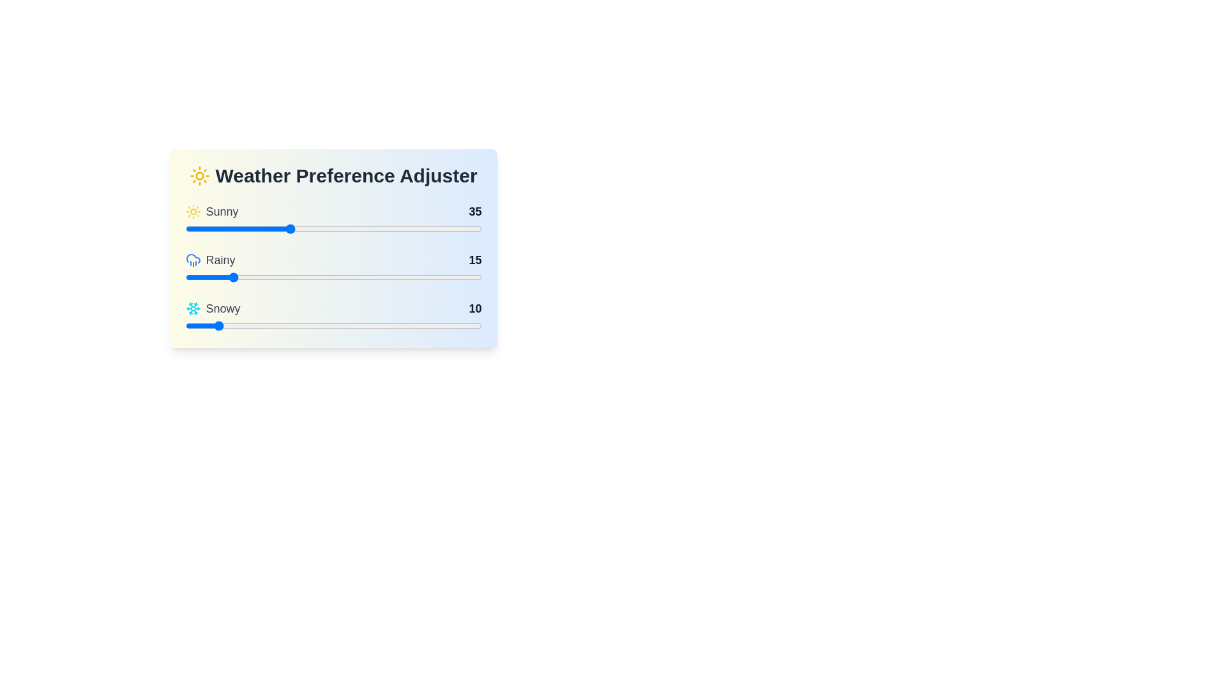  What do you see at coordinates (324, 228) in the screenshot?
I see `the 'Sunny' slider to the specified value 47` at bounding box center [324, 228].